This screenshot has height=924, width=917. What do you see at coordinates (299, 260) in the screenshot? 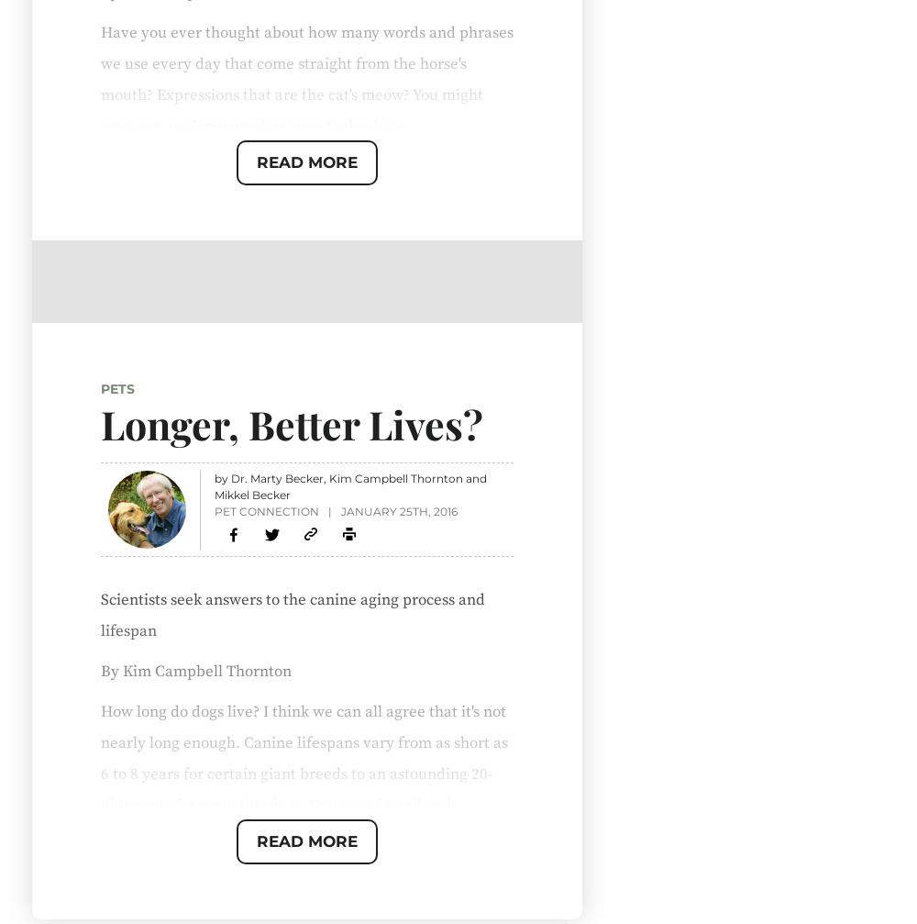
I see `'Animal-related terms are delightfully descriptive. Some are built upon animal characteristics -- eagle-eyed, bird-brained, dog-eared -- irrespective of accuracy (birds are actually pretty darn smart). Others come to us from languages such as Greek, Latin or Icelandic. Learning about their origins is fascinating. Here are some fun facts about pet phrases and how they came to be.'` at bounding box center [299, 260].